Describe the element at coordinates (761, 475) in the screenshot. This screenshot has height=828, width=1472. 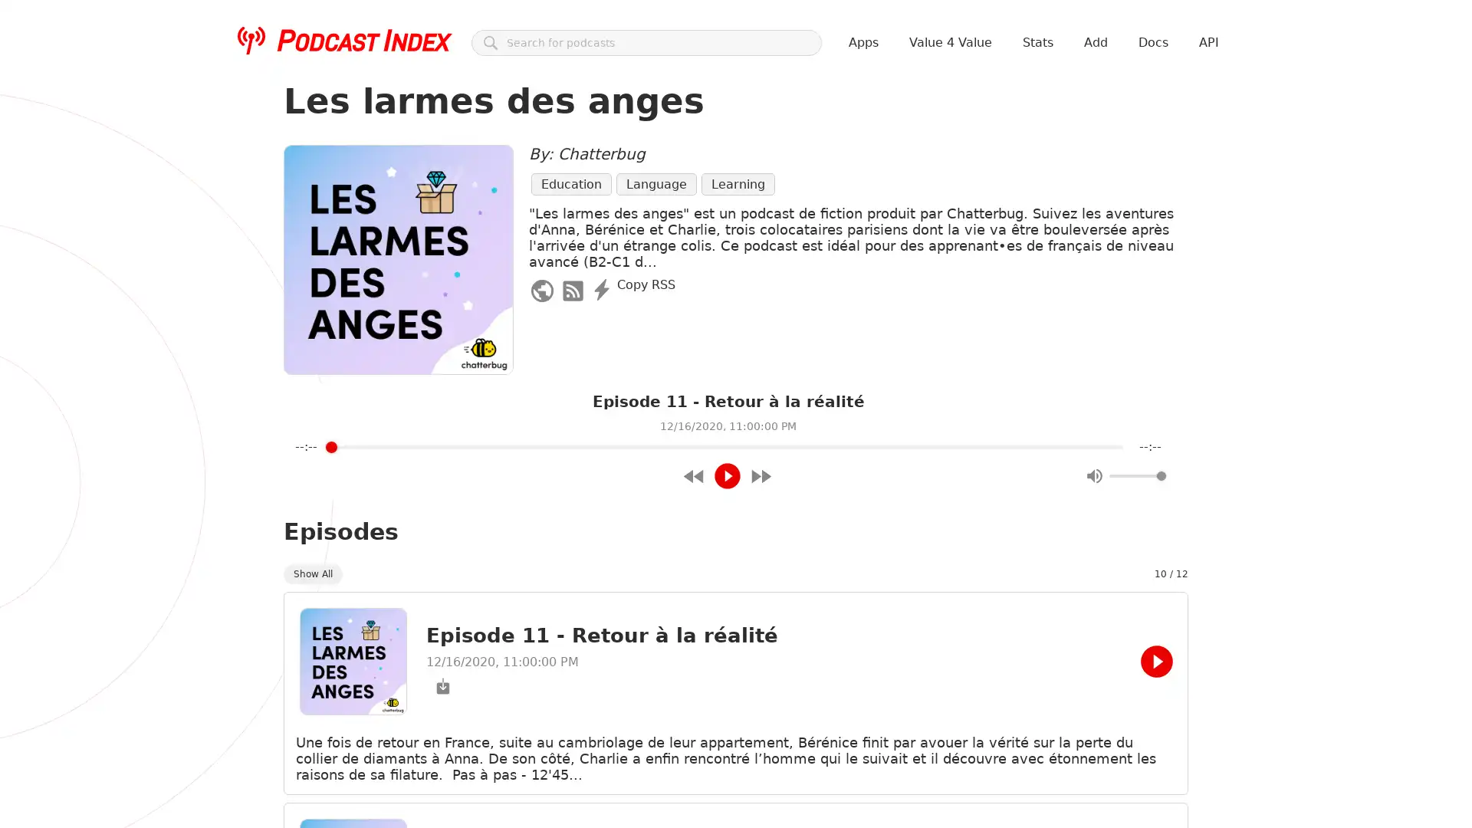
I see `Forward` at that location.